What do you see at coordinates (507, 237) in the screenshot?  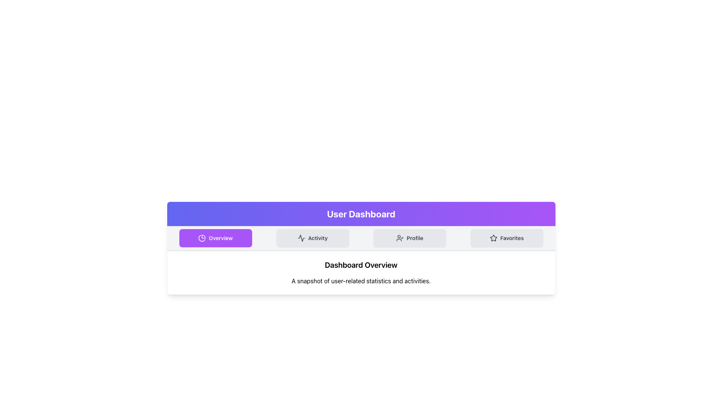 I see `the 'Favorites' button located in the top-center navigation bar, which is positioned to the right of the 'Profile', 'Activity', and 'Overview' buttons` at bounding box center [507, 237].